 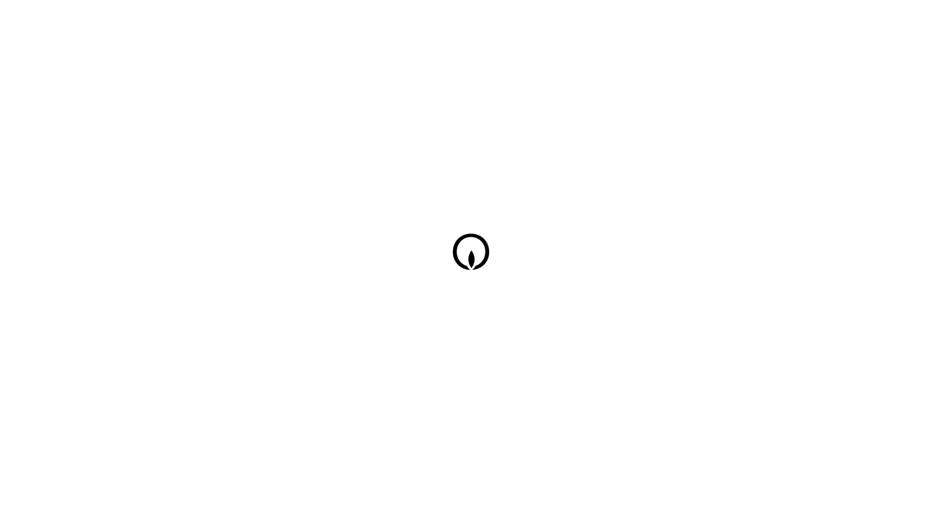 I want to click on 'eroma logo', so click(x=473, y=252).